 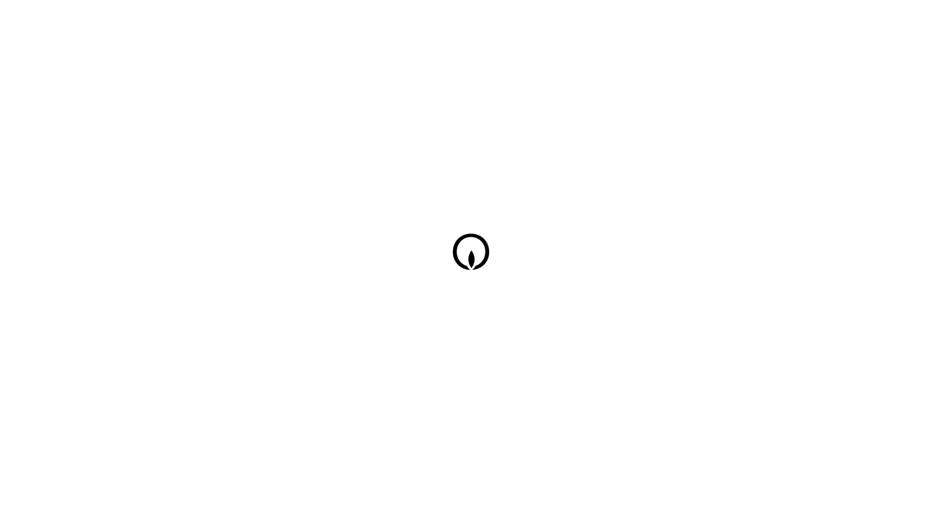 I want to click on 'eroma logo', so click(x=473, y=252).